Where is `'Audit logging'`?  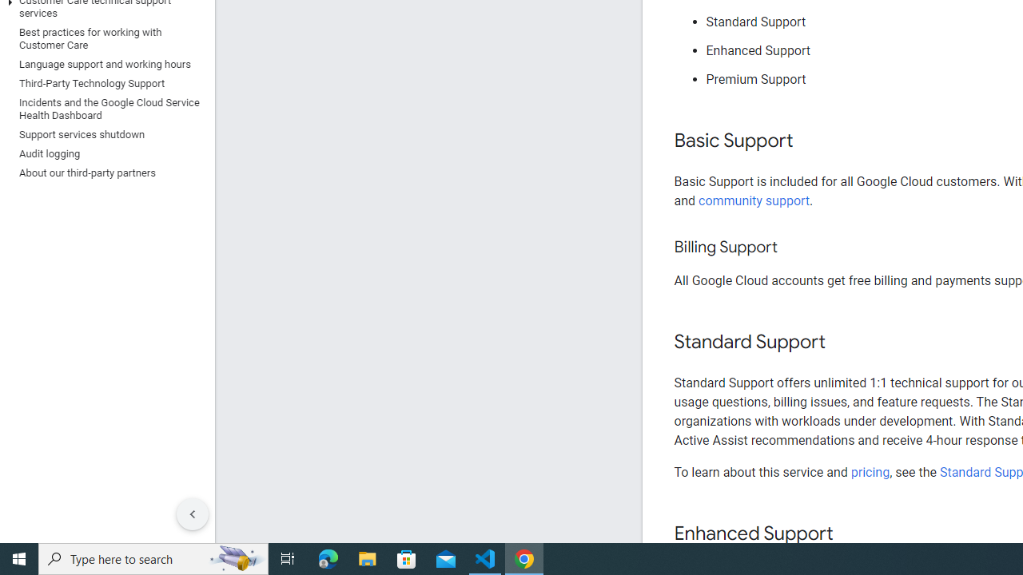 'Audit logging' is located at coordinates (103, 153).